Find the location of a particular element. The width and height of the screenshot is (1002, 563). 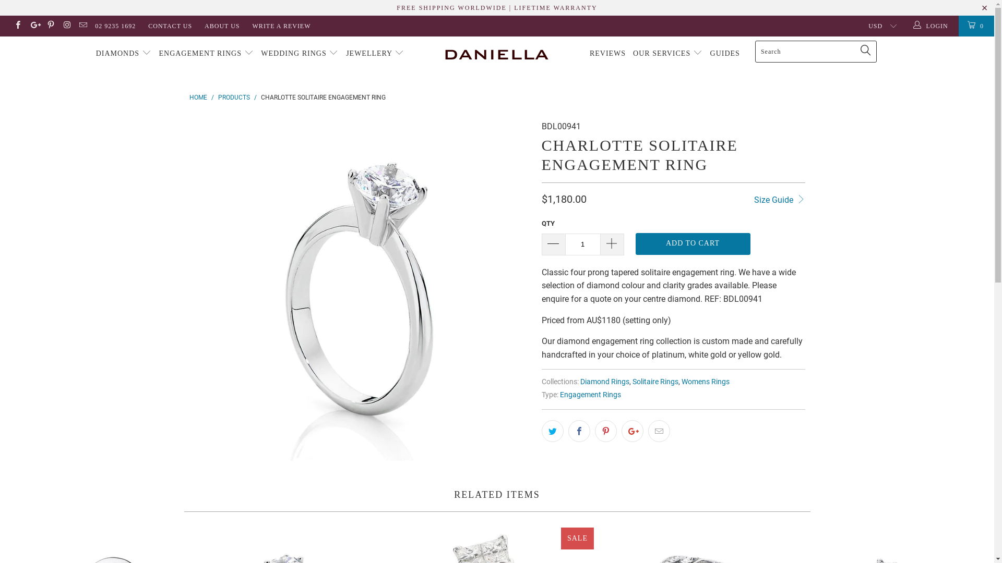

'JEWELLERY' is located at coordinates (375, 54).